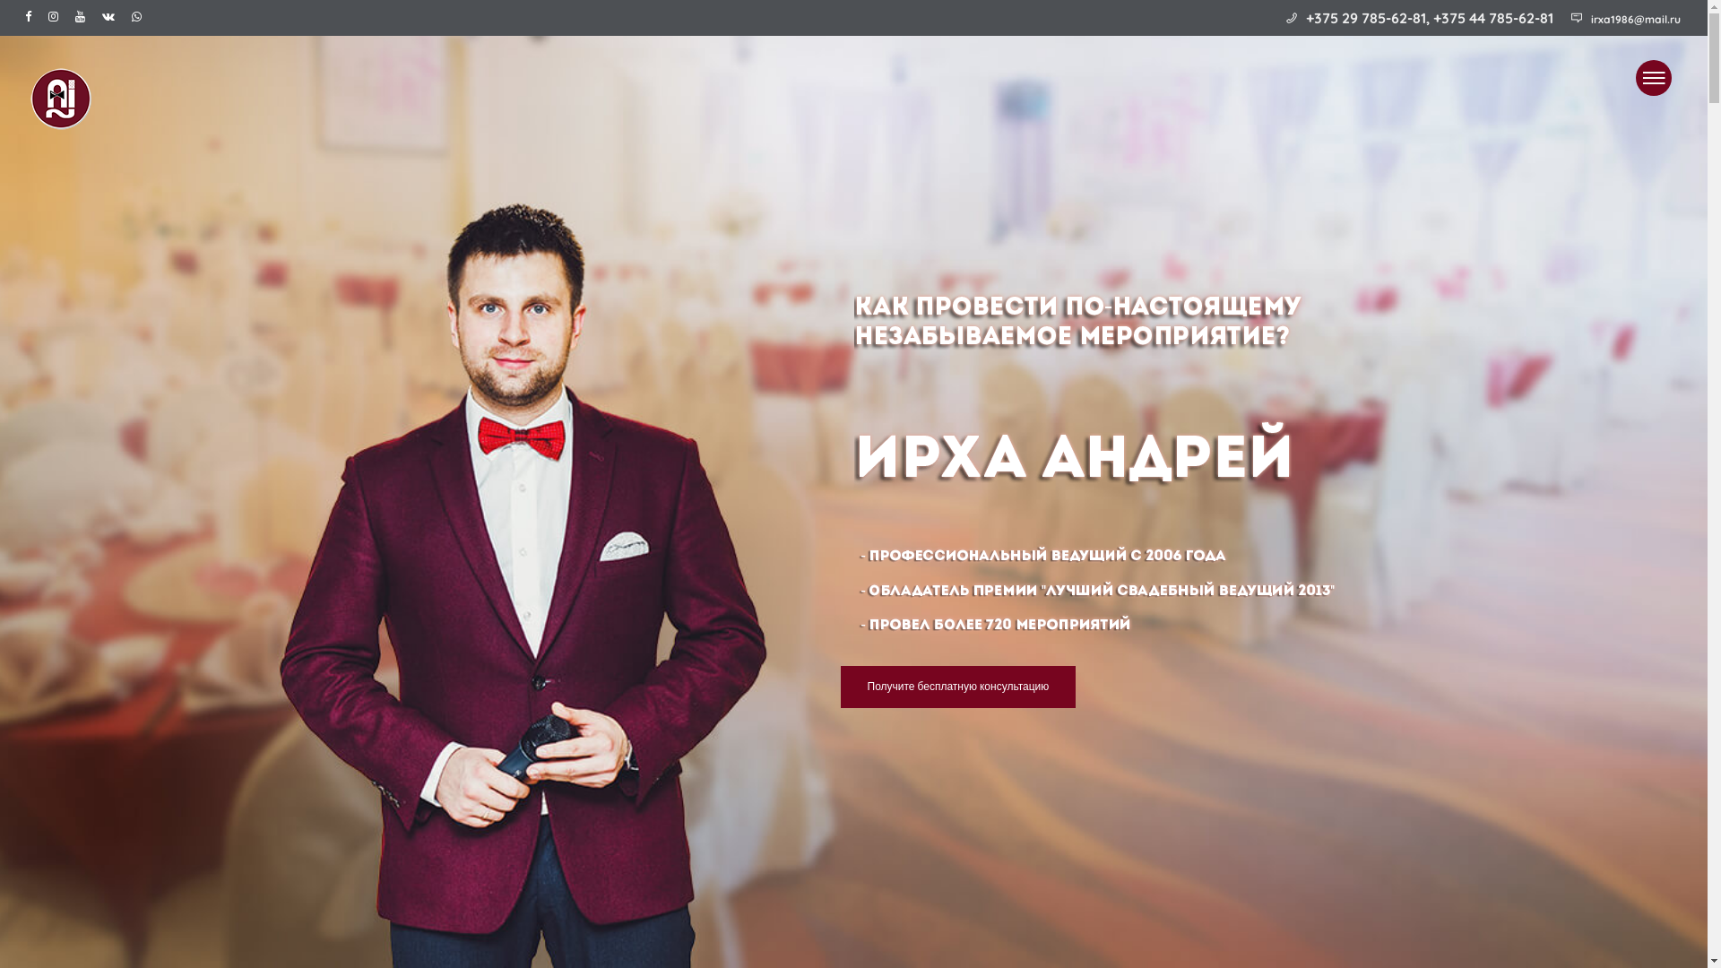 The width and height of the screenshot is (1721, 968). Describe the element at coordinates (31, 15) in the screenshot. I see `'Facebook'` at that location.